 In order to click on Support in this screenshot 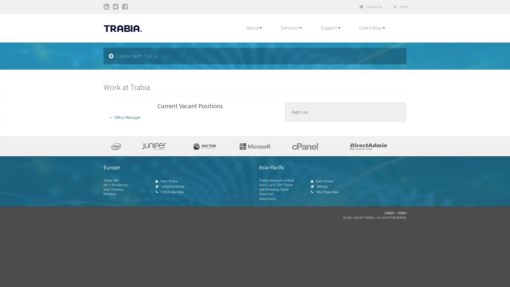, I will do `click(330, 28)`.